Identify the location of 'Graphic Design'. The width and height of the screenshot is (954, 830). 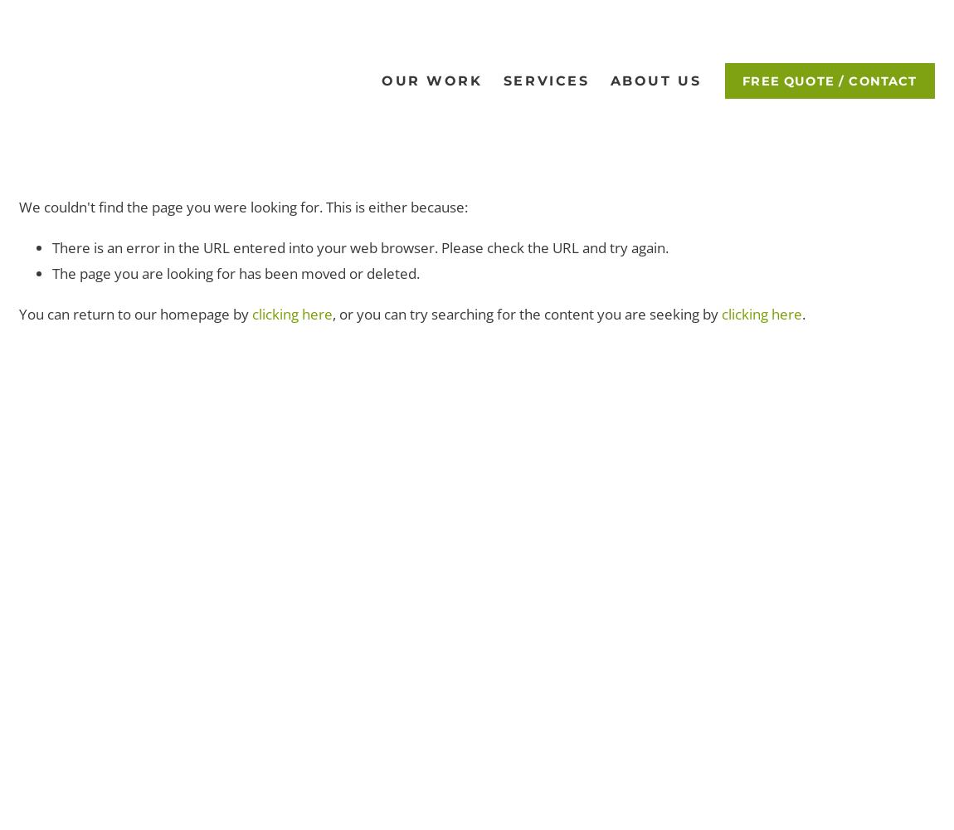
(427, 134).